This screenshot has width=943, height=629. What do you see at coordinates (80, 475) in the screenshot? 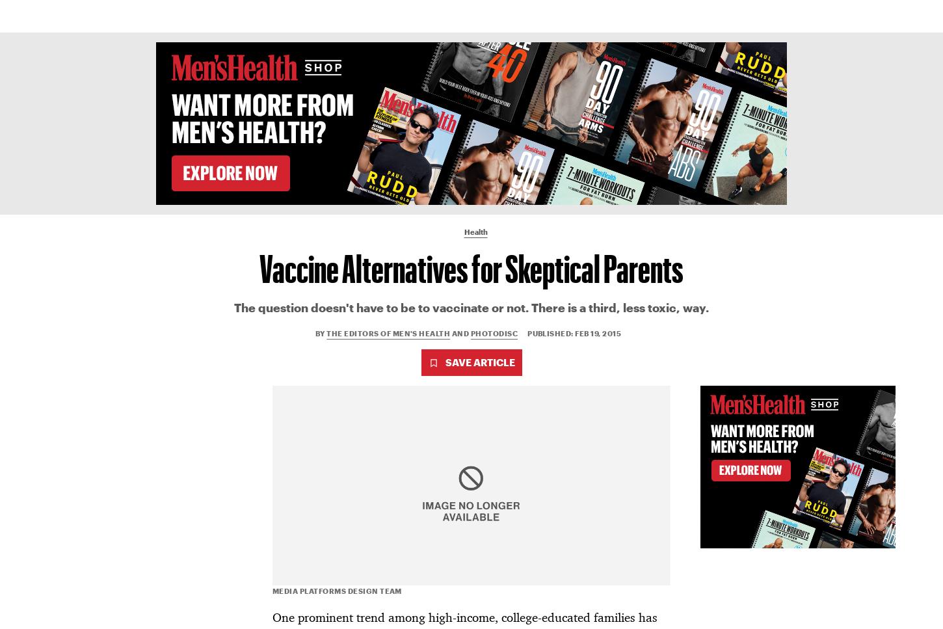
I see `'The School Shootings Principals Club'` at bounding box center [80, 475].